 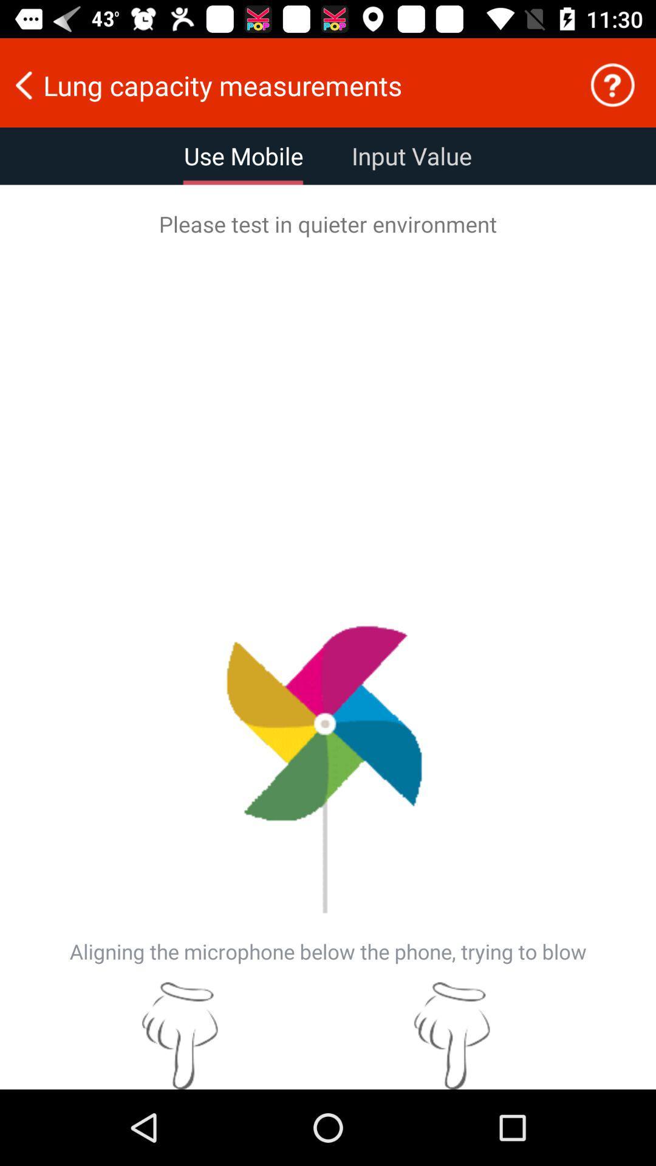 I want to click on lung capacity measurements item, so click(x=286, y=84).